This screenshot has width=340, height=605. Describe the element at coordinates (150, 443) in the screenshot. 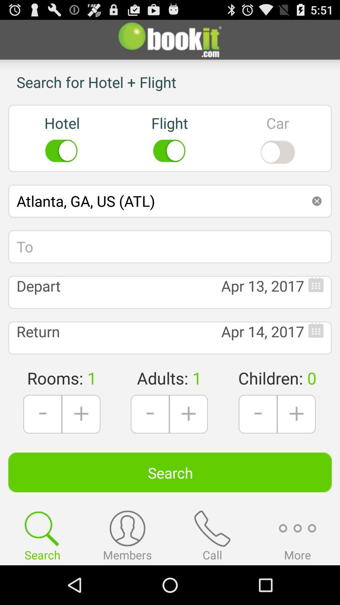

I see `the minus icon` at that location.